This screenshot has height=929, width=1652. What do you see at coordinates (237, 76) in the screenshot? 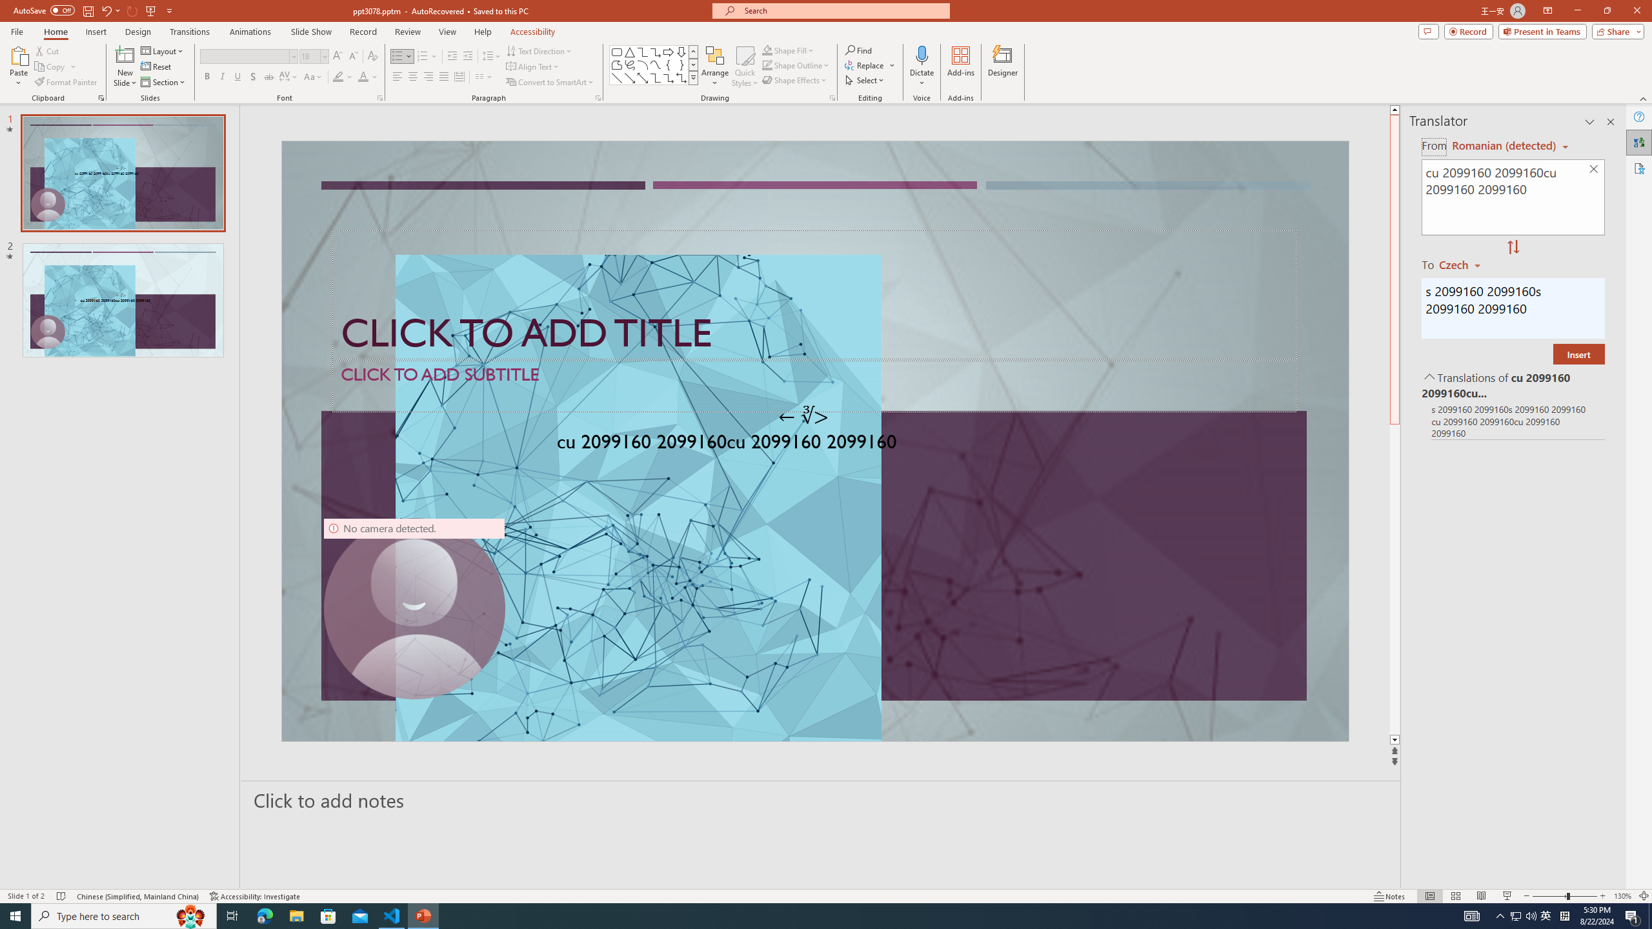
I see `'Underline'` at bounding box center [237, 76].